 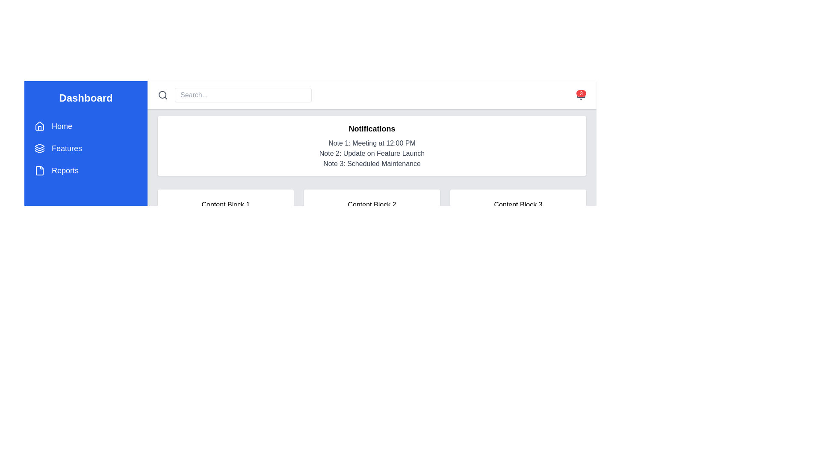 I want to click on the house-shaped icon in the navigation sidebar under the 'Dashboard' label, which is styled with clean lines and a blue background, so click(x=39, y=125).